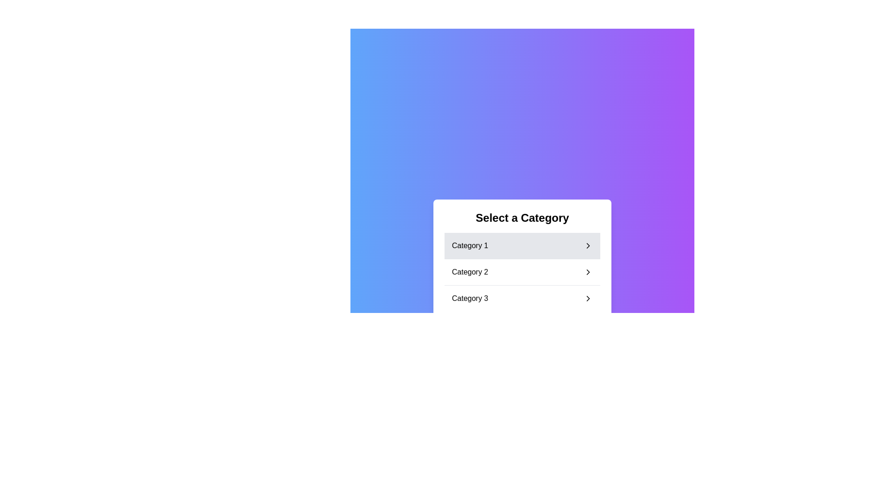  I want to click on the right-pointing chevron icon adjacent to the text 'Category 3', so click(587, 298).